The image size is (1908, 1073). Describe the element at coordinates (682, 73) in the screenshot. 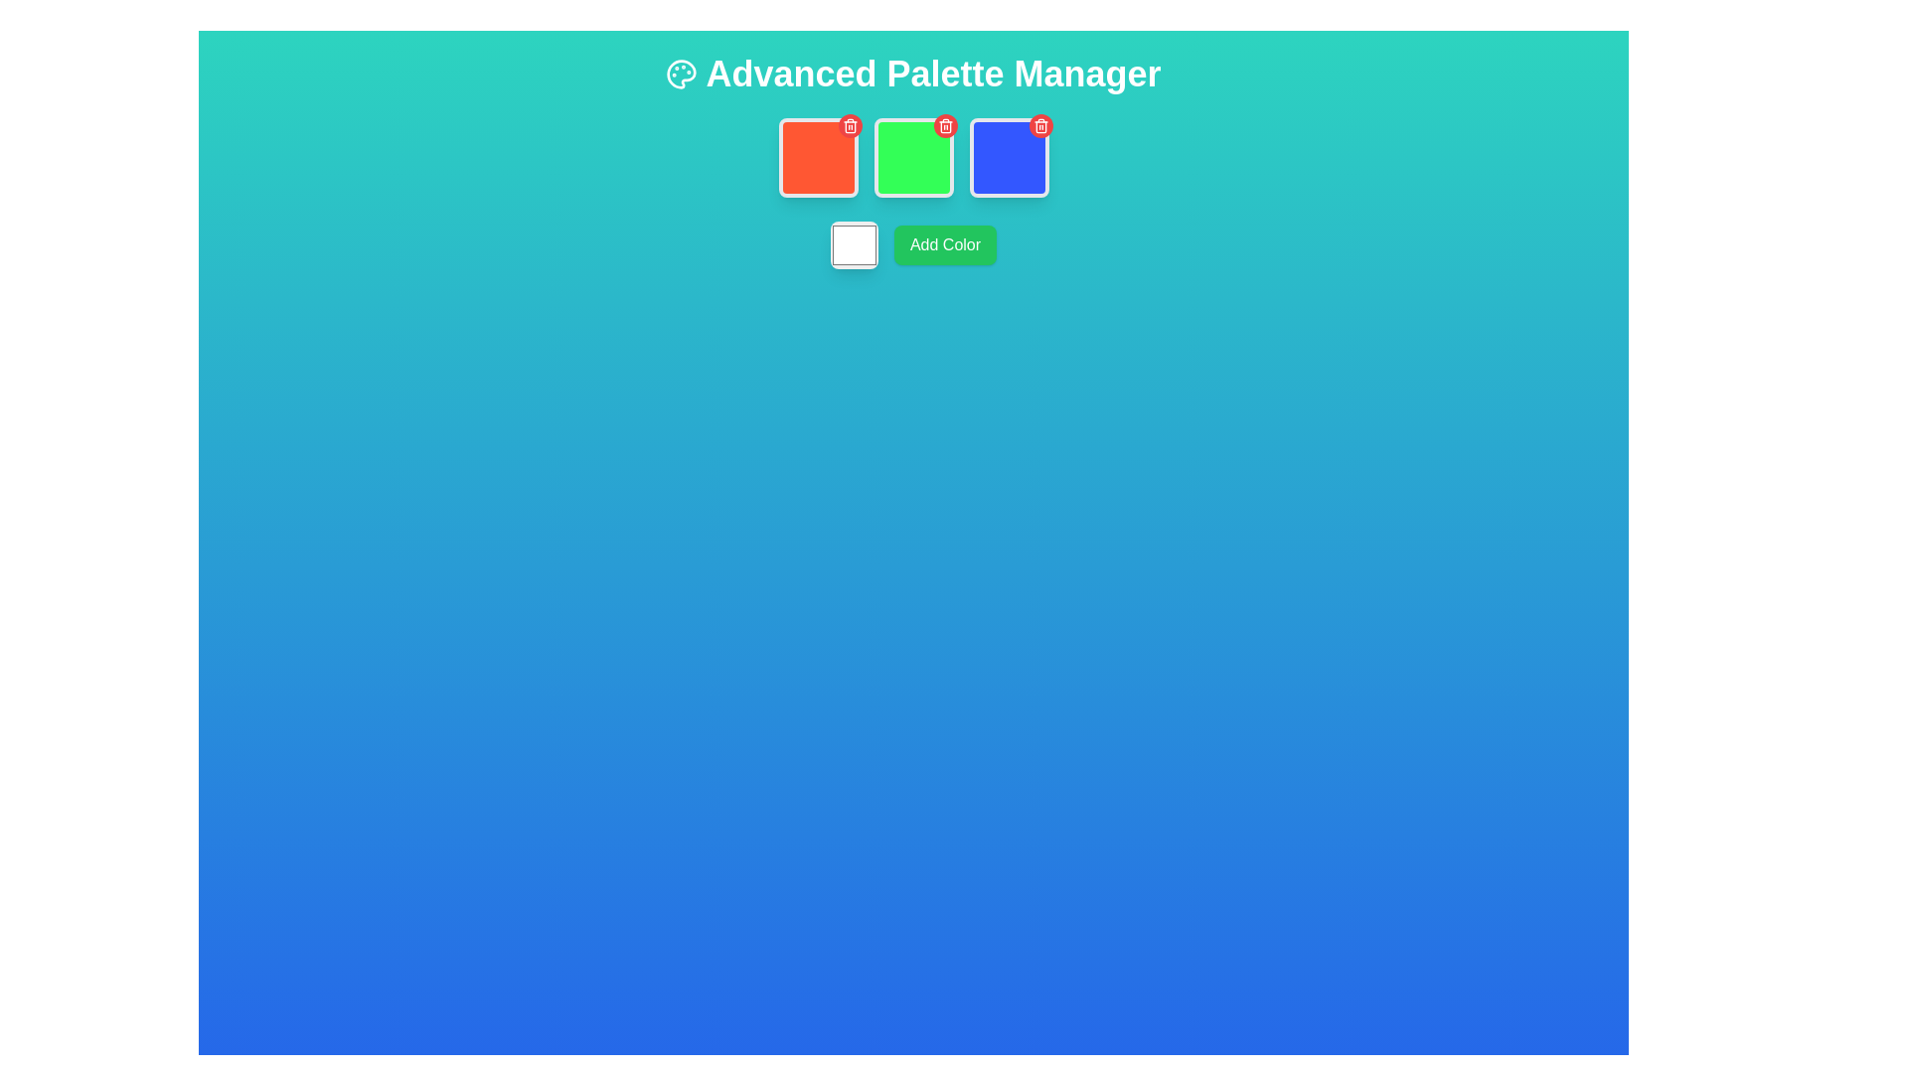

I see `the painter's palette icon located at the top-left corner of the interface, immediately to the left of the text 'Advanced Palette Manager'` at that location.